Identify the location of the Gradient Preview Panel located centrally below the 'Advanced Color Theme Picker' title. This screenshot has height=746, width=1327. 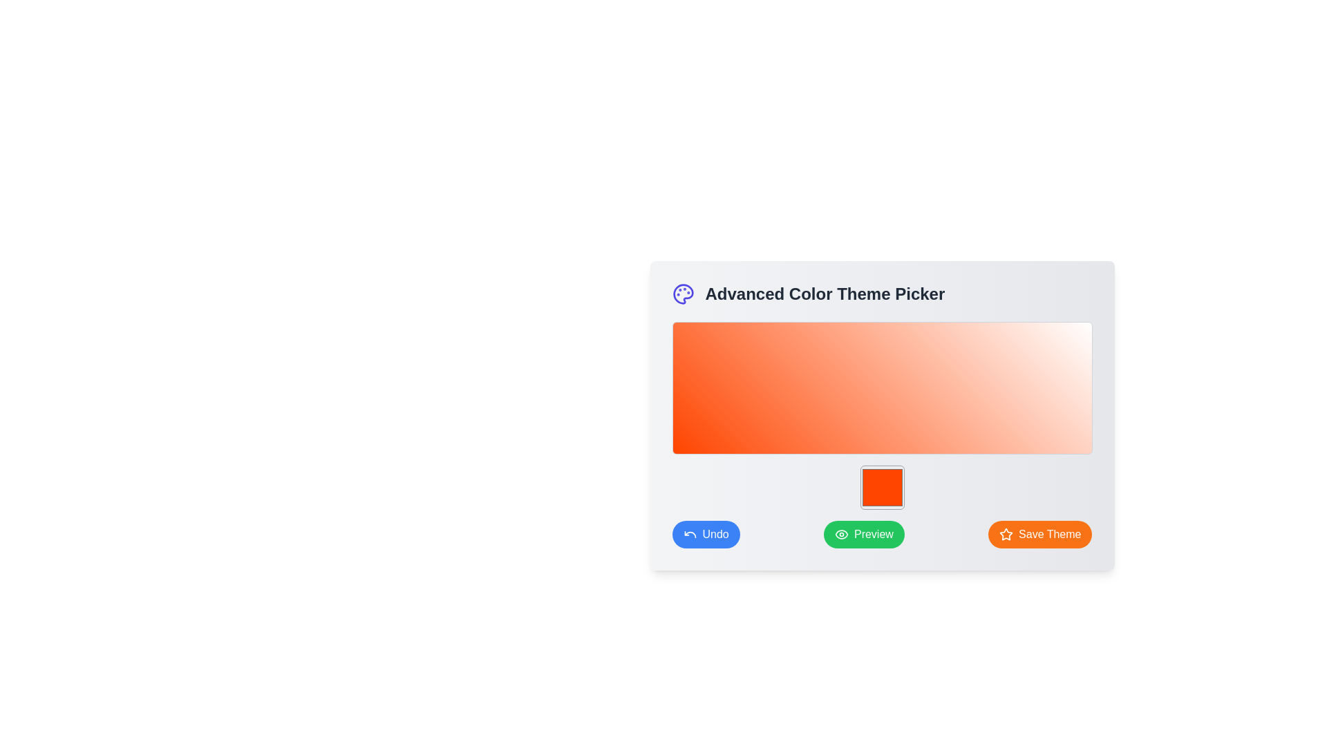
(881, 414).